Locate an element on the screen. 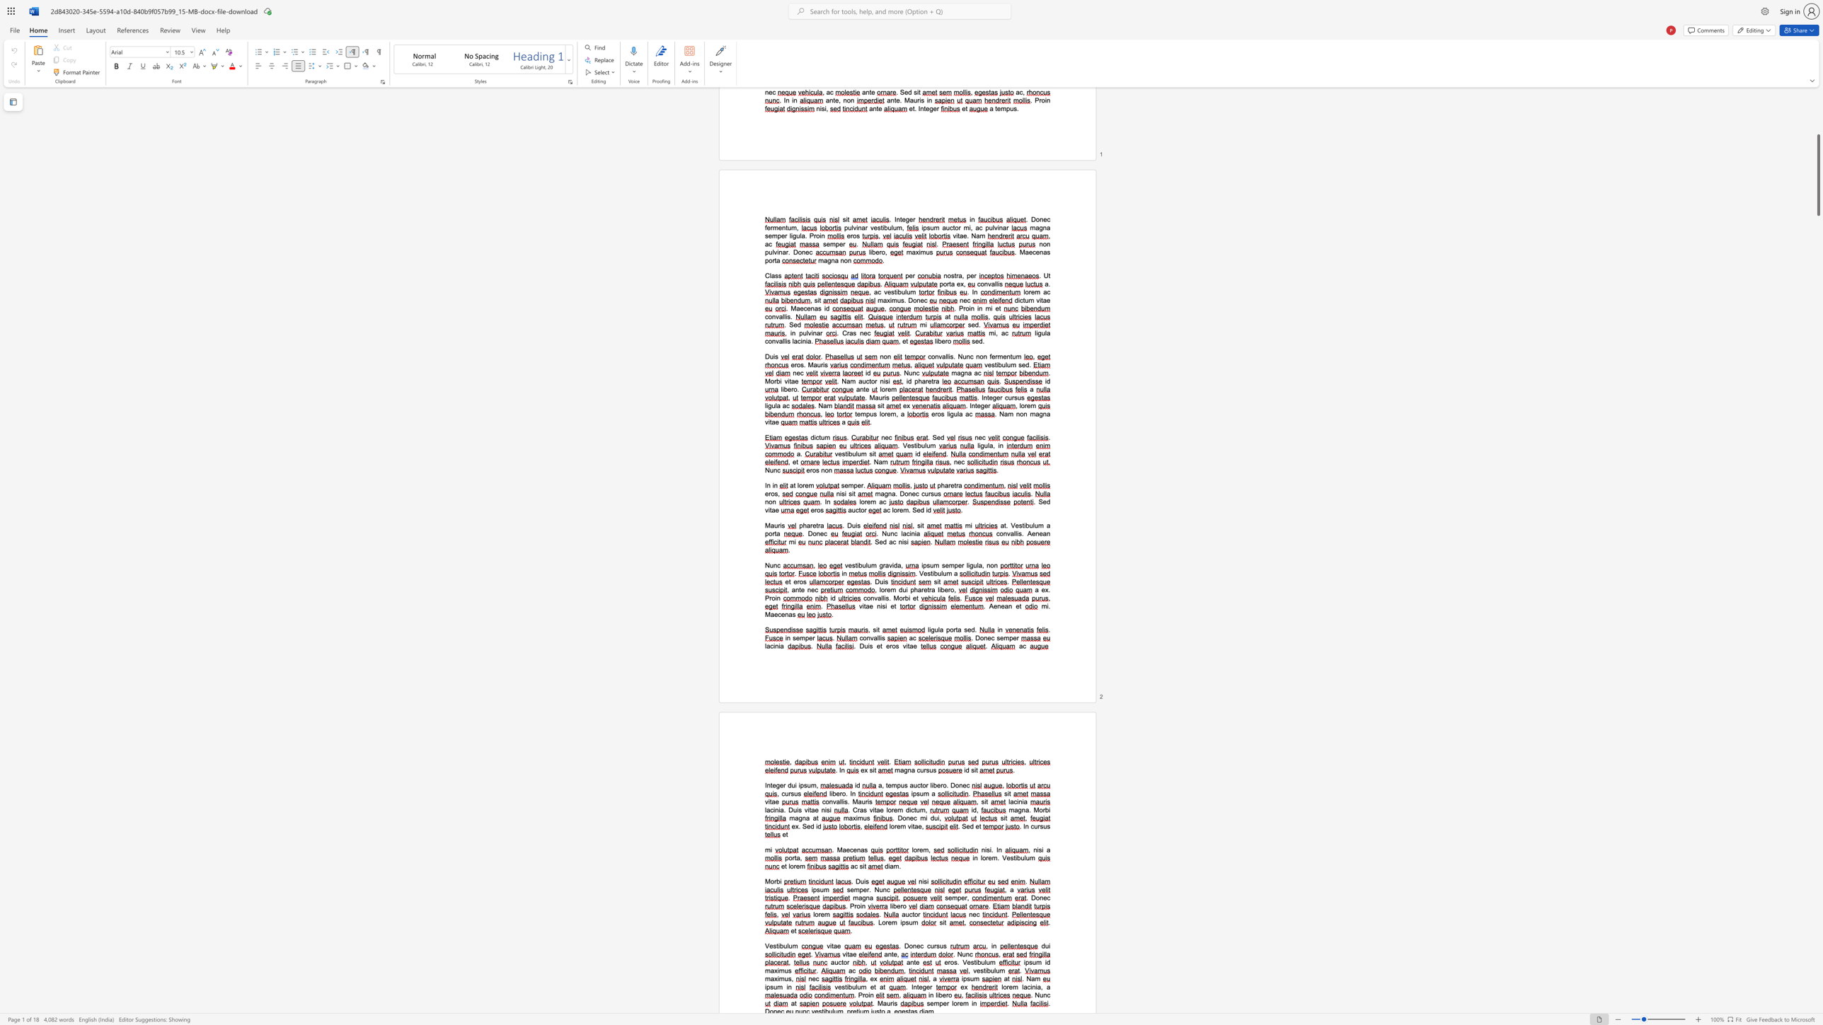 The width and height of the screenshot is (1823, 1025). the 1th character "." in the text is located at coordinates (983, 606).